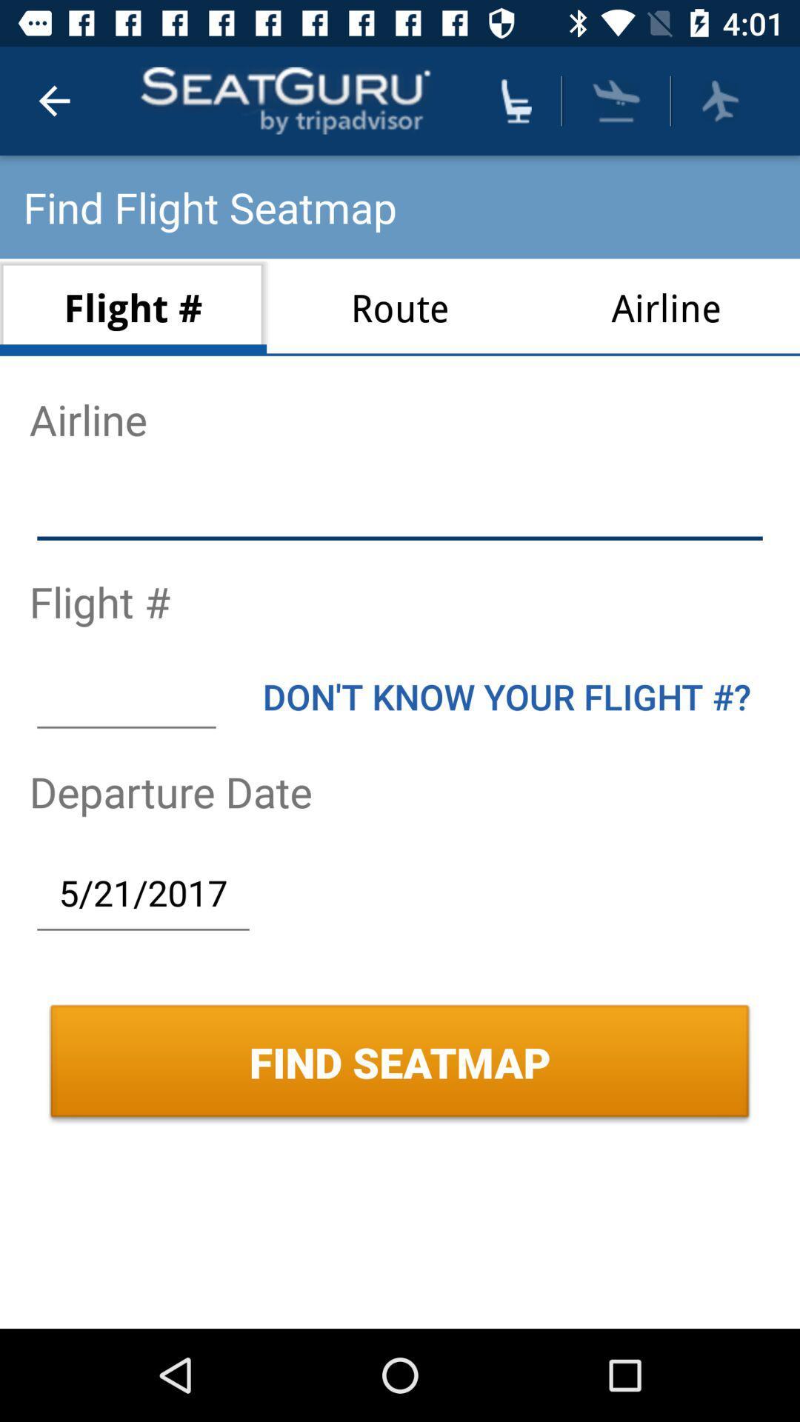  Describe the element at coordinates (400, 510) in the screenshot. I see `blank` at that location.